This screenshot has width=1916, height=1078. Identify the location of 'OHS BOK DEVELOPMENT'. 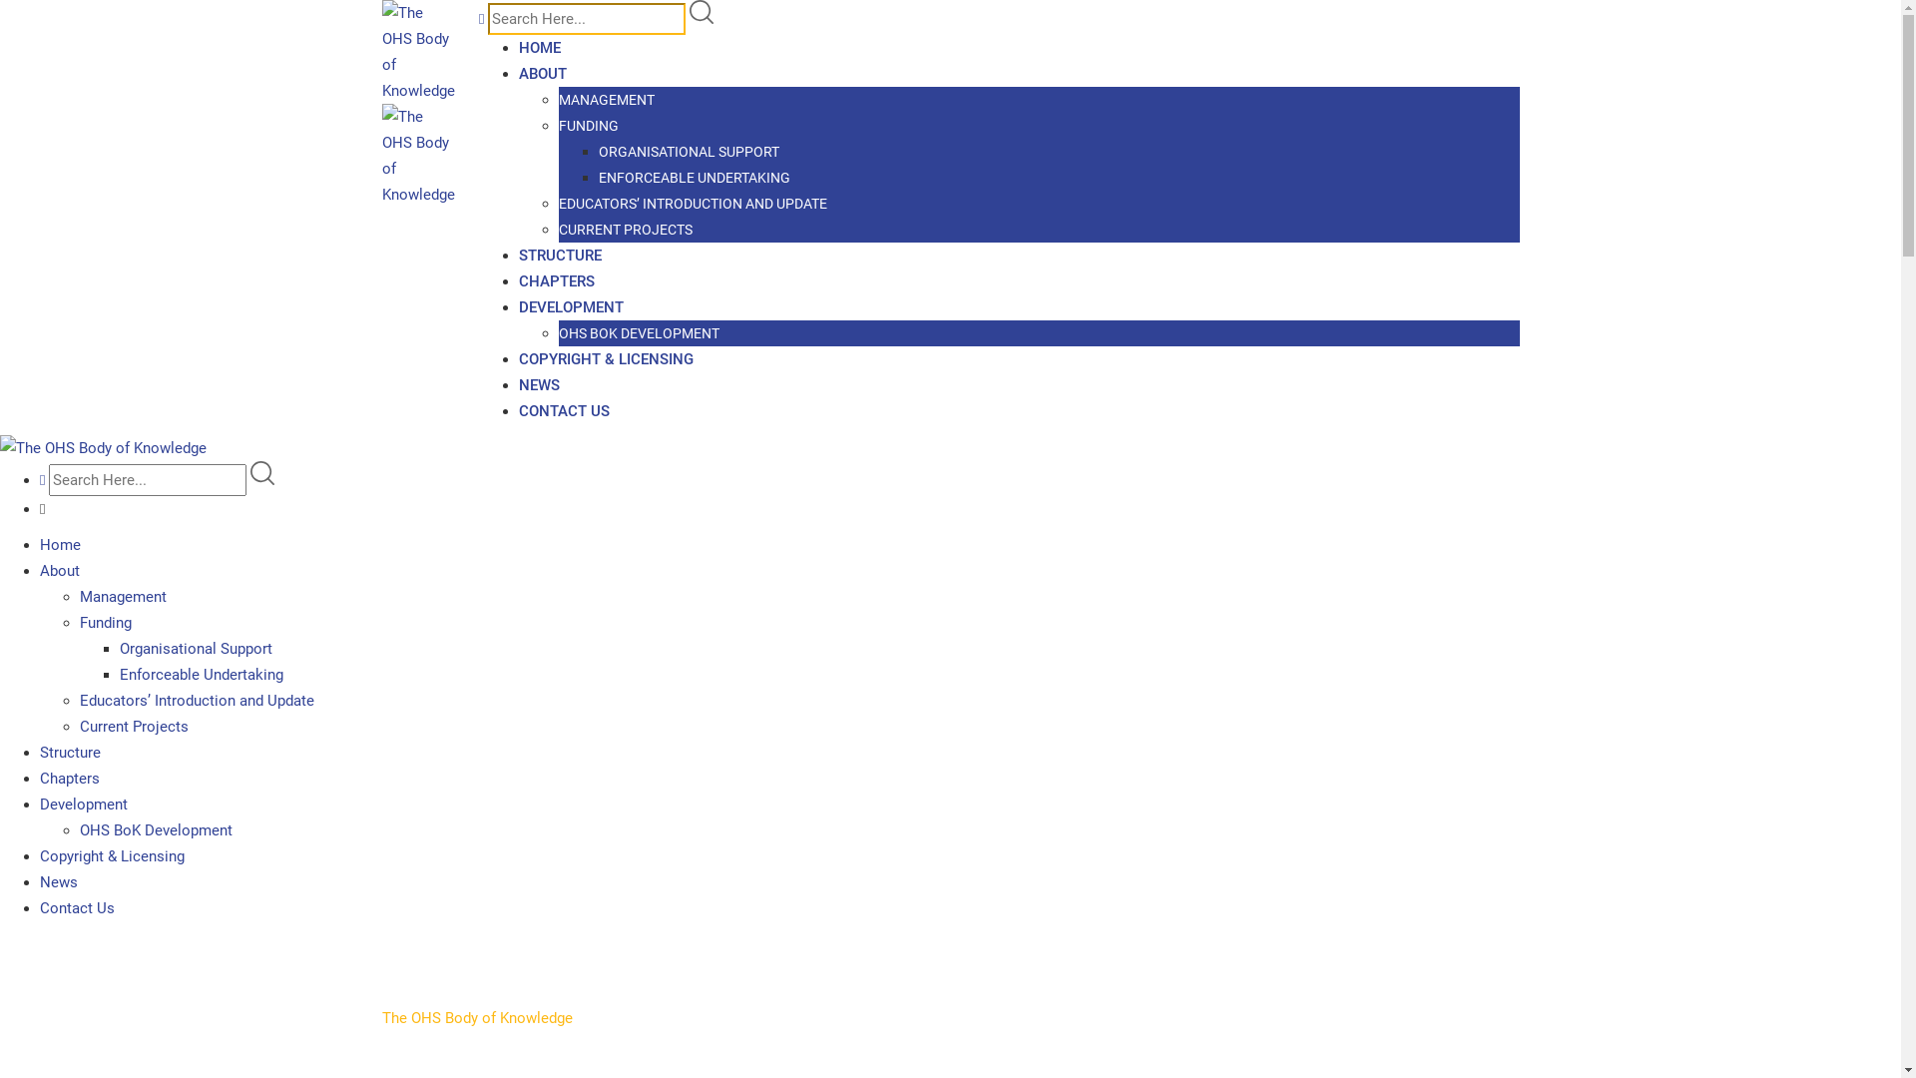
(559, 332).